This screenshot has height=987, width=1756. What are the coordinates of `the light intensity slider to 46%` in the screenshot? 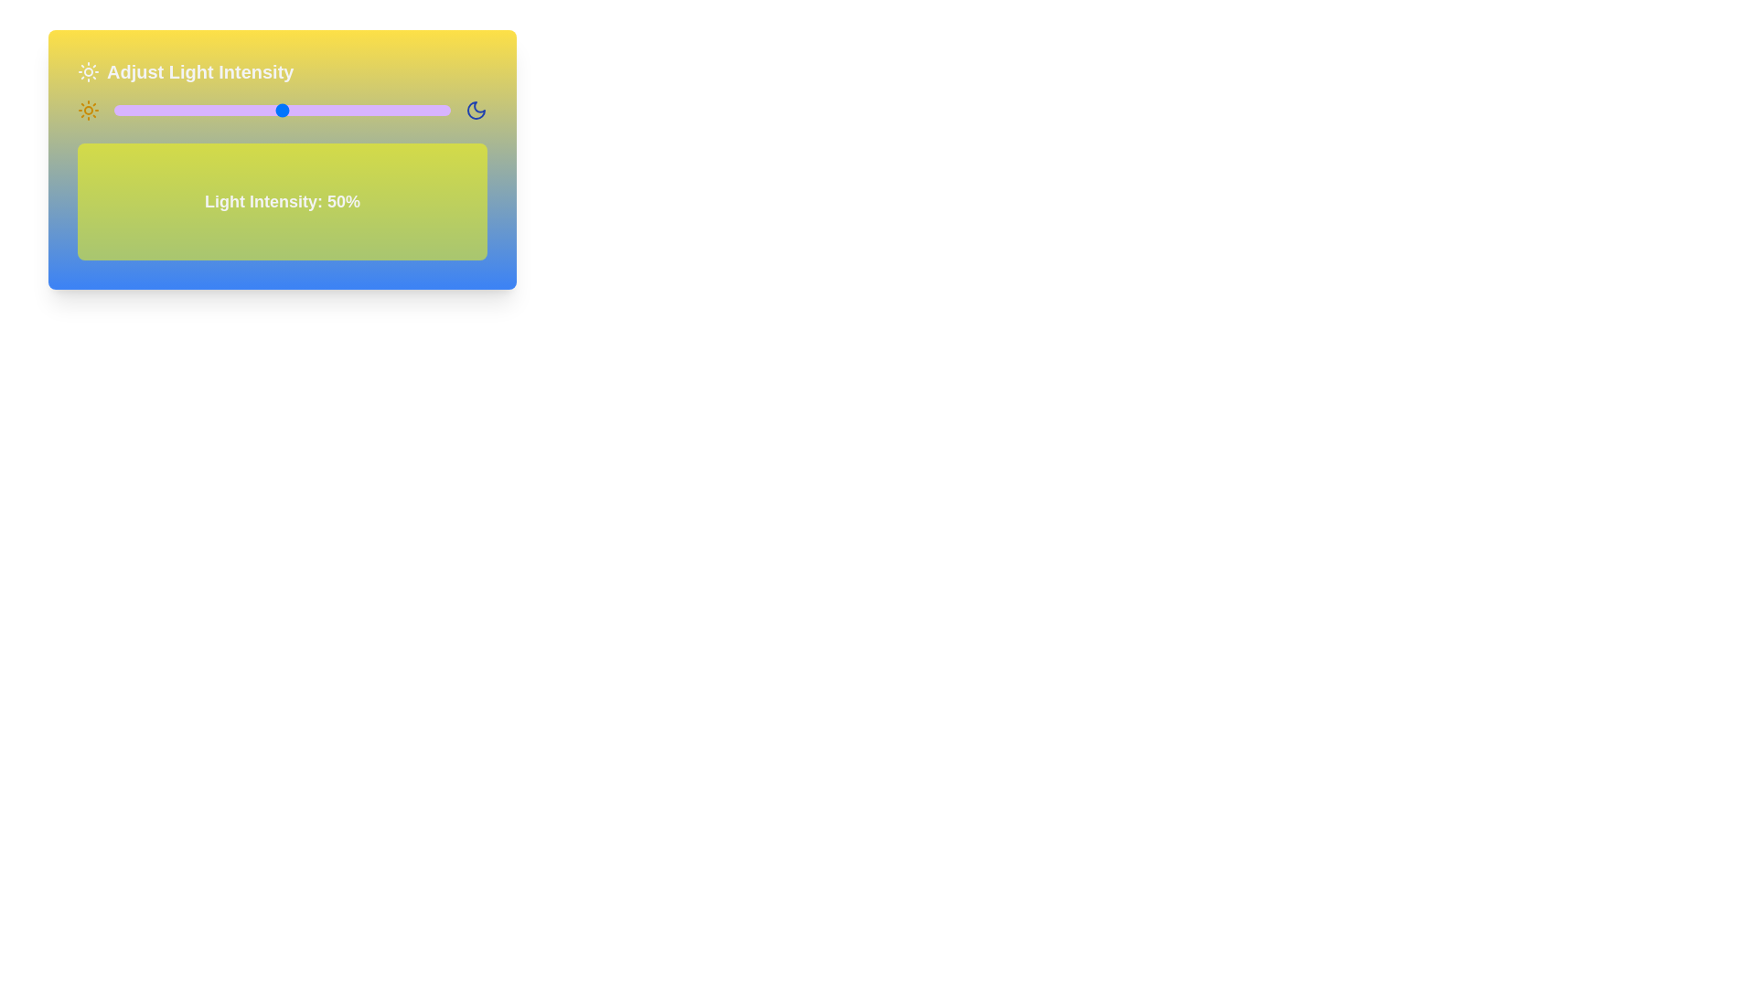 It's located at (268, 110).